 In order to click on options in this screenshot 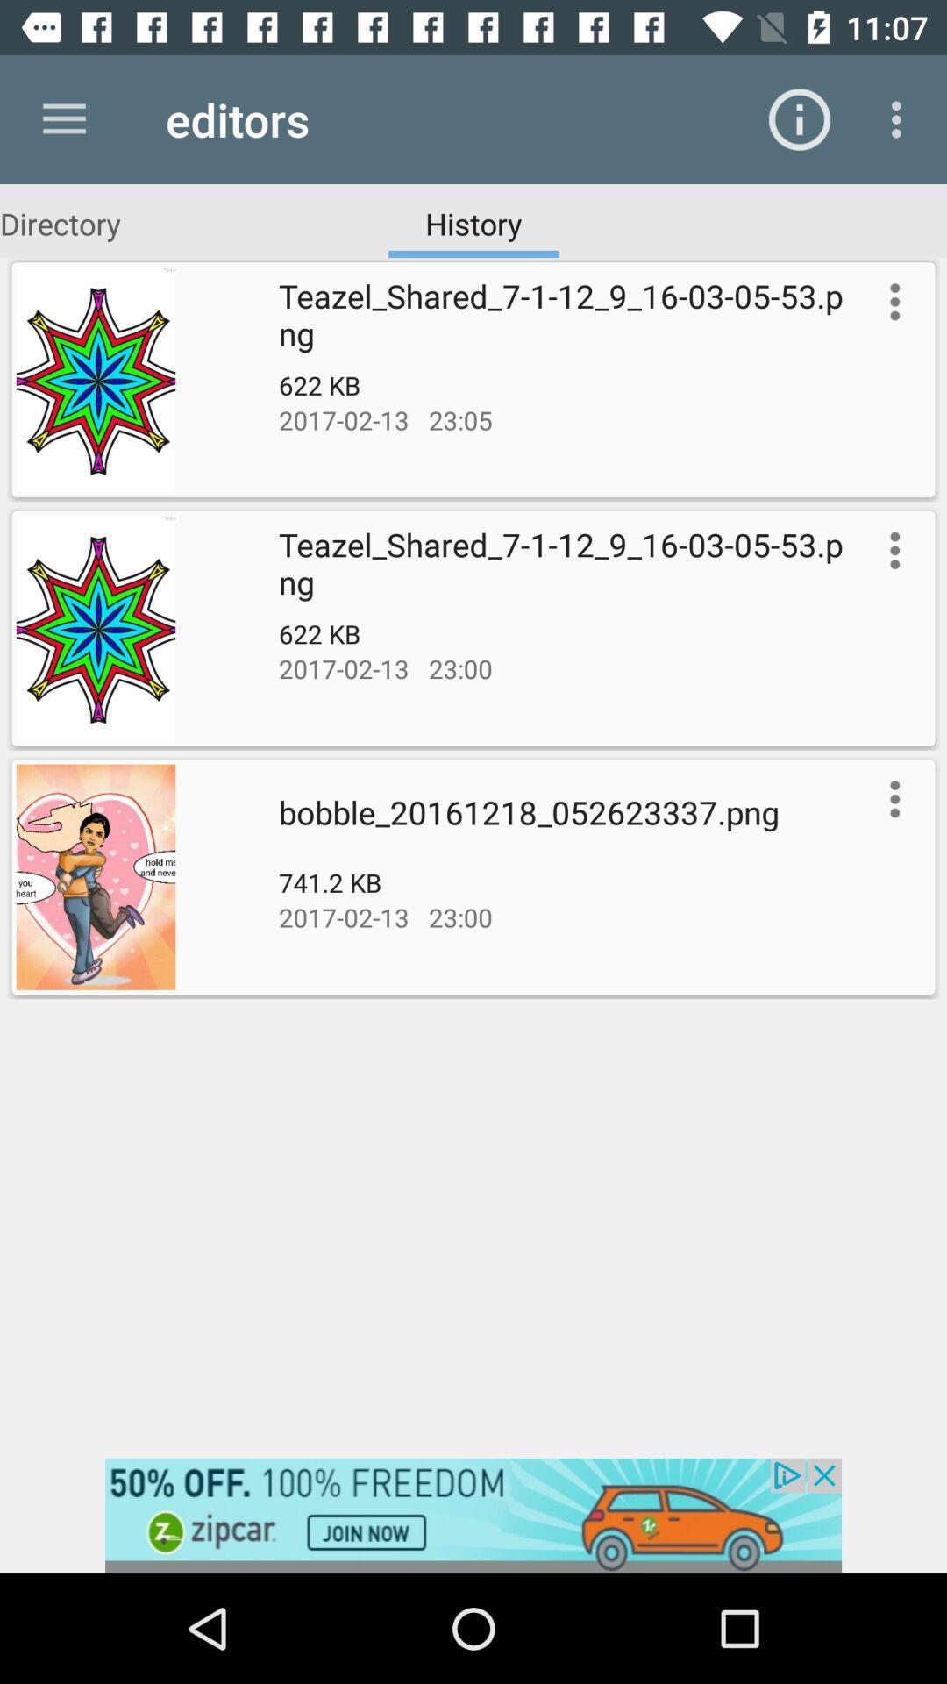, I will do `click(891, 798)`.